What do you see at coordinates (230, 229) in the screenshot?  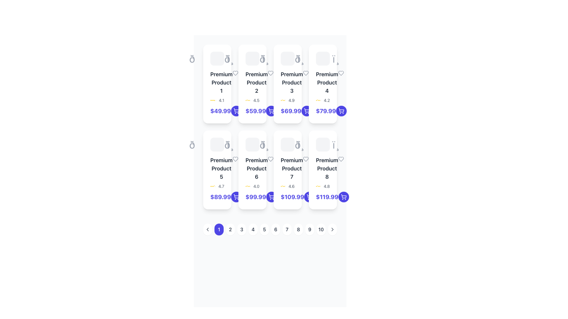 I see `the second pagination button that navigates to the second page of the product listing` at bounding box center [230, 229].